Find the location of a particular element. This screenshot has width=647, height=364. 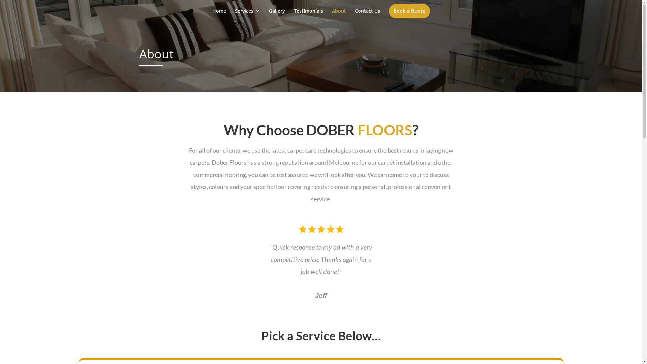

'Home' is located at coordinates (219, 15).